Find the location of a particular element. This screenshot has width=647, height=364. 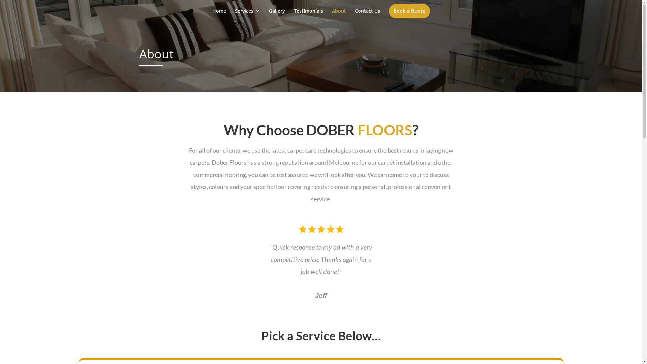

'Home' is located at coordinates (219, 15).